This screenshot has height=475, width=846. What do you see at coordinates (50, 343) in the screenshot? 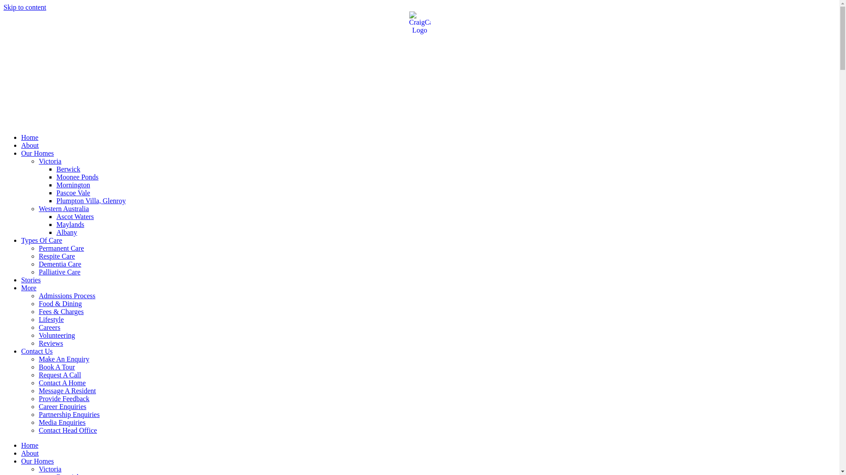
I see `'Reviews'` at bounding box center [50, 343].